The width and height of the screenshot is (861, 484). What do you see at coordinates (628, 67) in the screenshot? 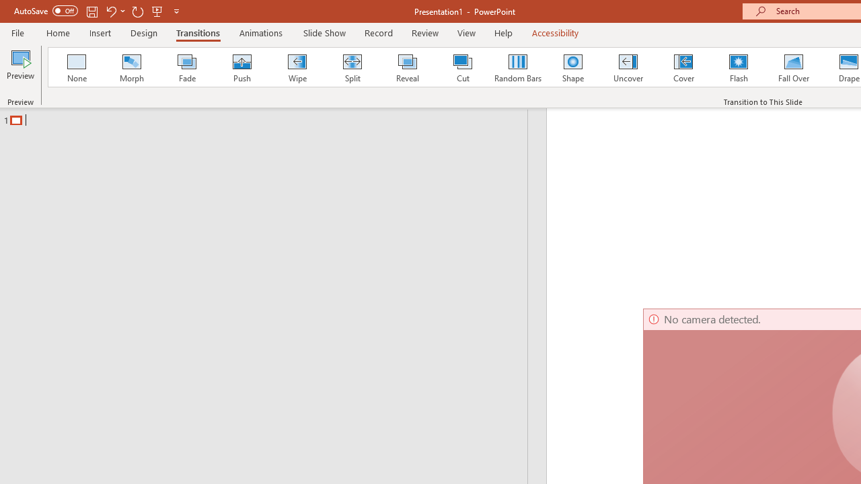
I see `'Uncover'` at bounding box center [628, 67].